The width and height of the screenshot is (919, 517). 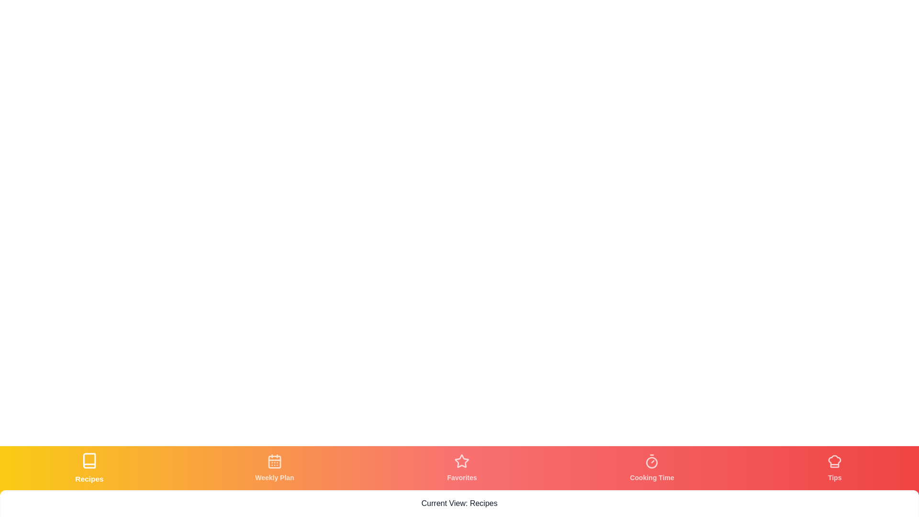 I want to click on the tab labeled Cooking Time to view its content, so click(x=651, y=468).